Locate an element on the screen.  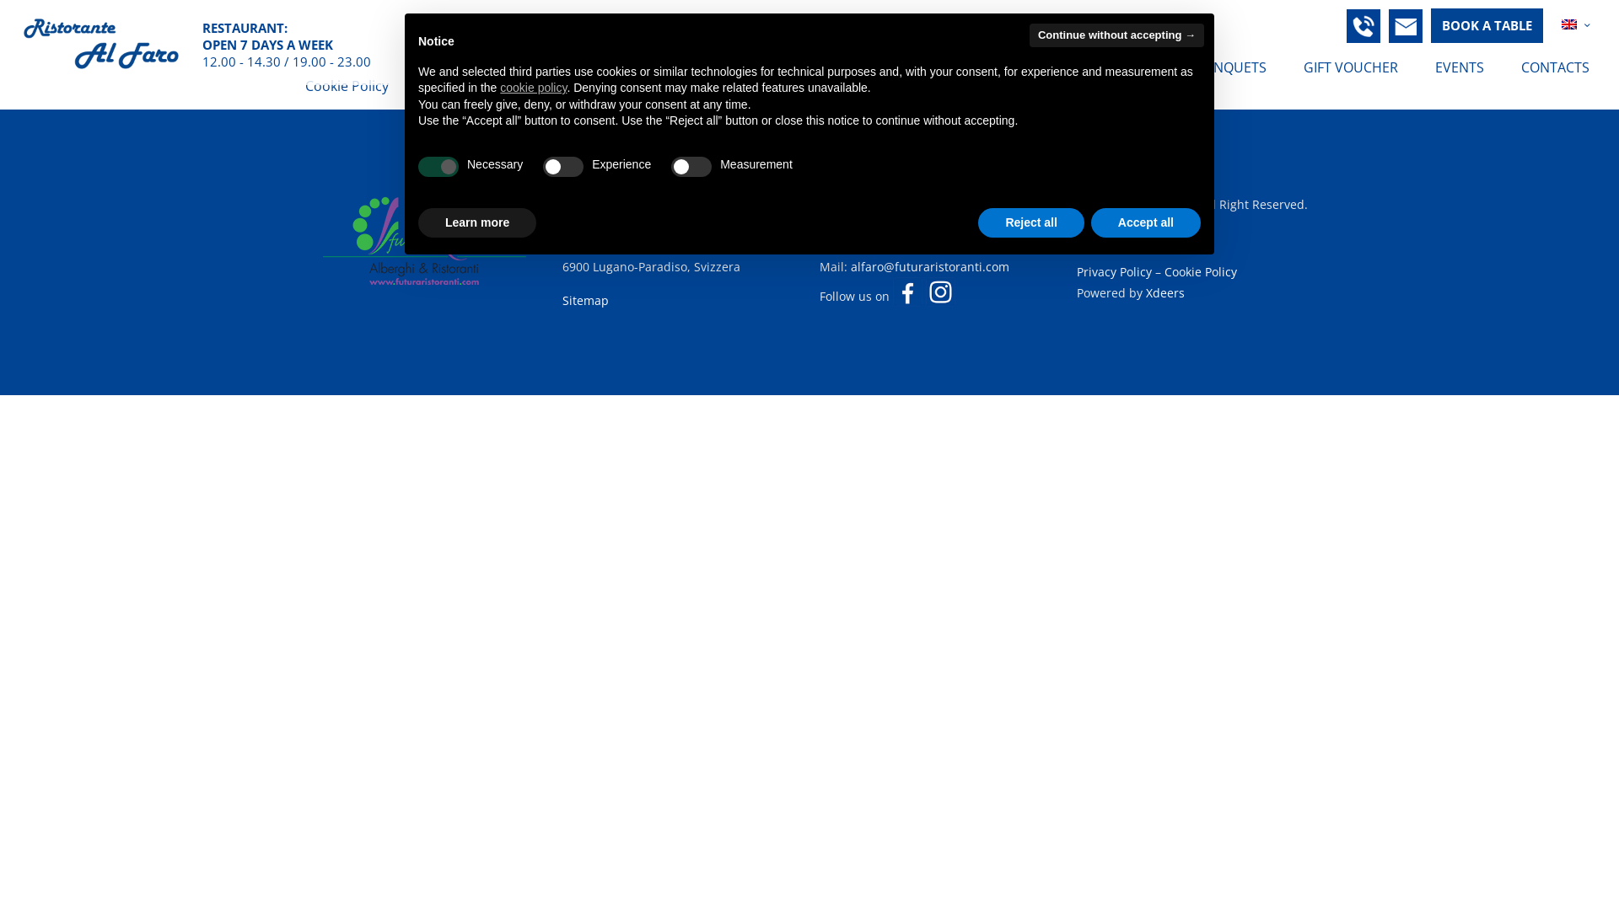
'CONTACTS' is located at coordinates (1554, 67).